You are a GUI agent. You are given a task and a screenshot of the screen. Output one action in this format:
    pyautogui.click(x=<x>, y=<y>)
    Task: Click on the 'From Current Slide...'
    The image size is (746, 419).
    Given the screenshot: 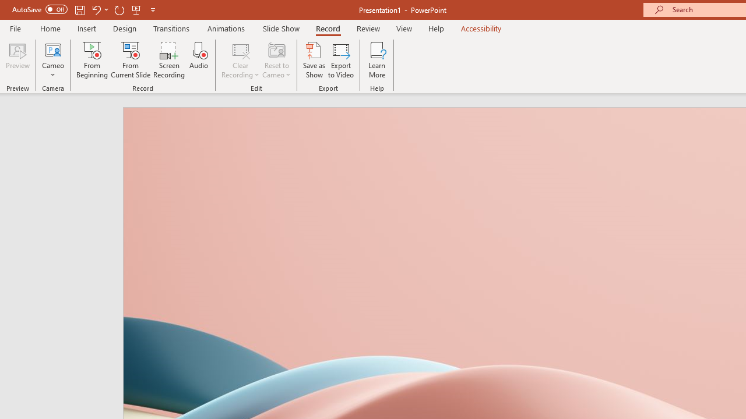 What is the action you would take?
    pyautogui.click(x=131, y=60)
    